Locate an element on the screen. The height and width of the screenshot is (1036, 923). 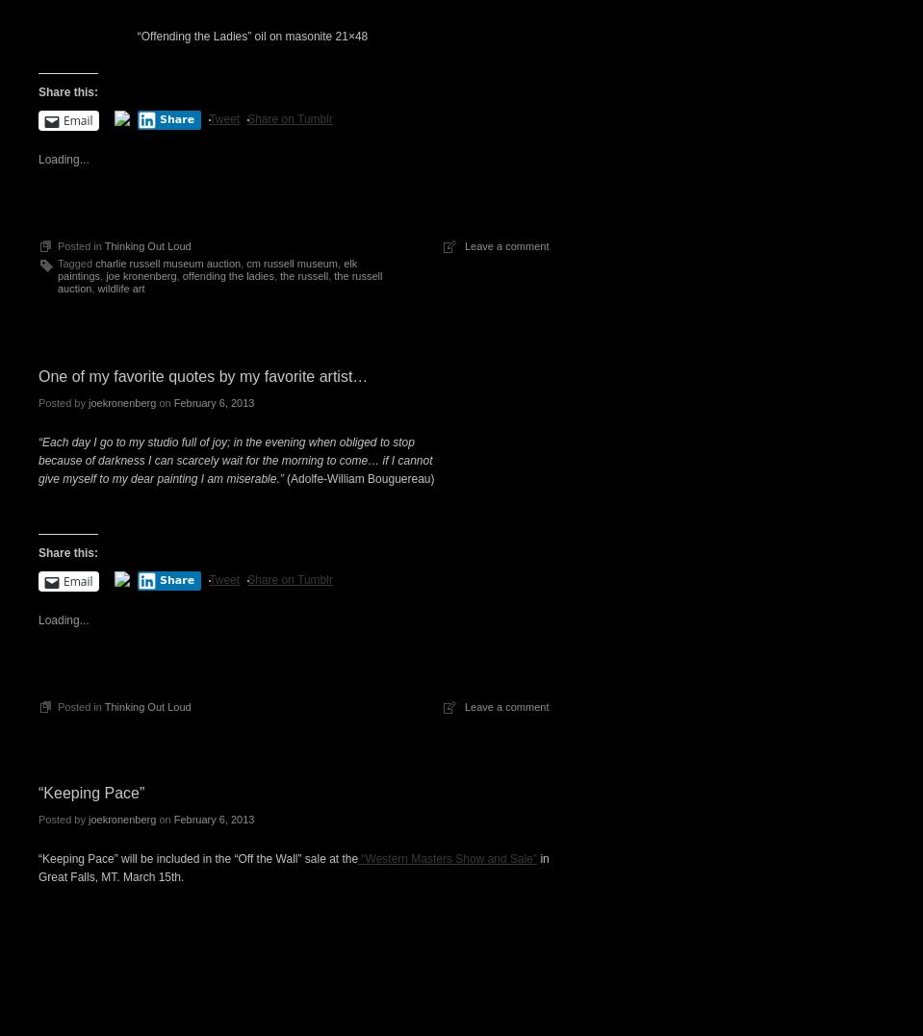
'“Each day I go to my studio full of joy; in the evening when obliged to stop' is located at coordinates (225, 442).